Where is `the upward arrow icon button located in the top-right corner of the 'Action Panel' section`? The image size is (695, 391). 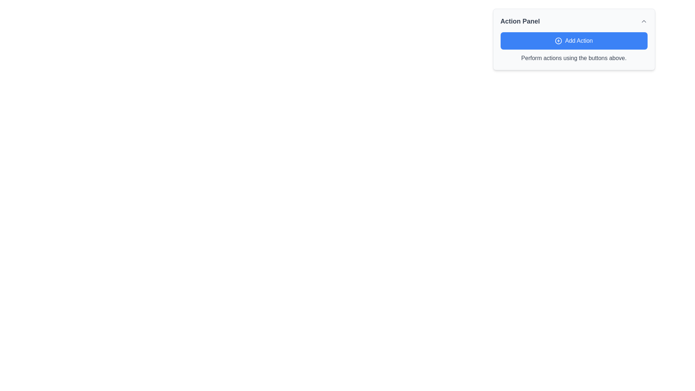 the upward arrow icon button located in the top-right corner of the 'Action Panel' section is located at coordinates (644, 21).